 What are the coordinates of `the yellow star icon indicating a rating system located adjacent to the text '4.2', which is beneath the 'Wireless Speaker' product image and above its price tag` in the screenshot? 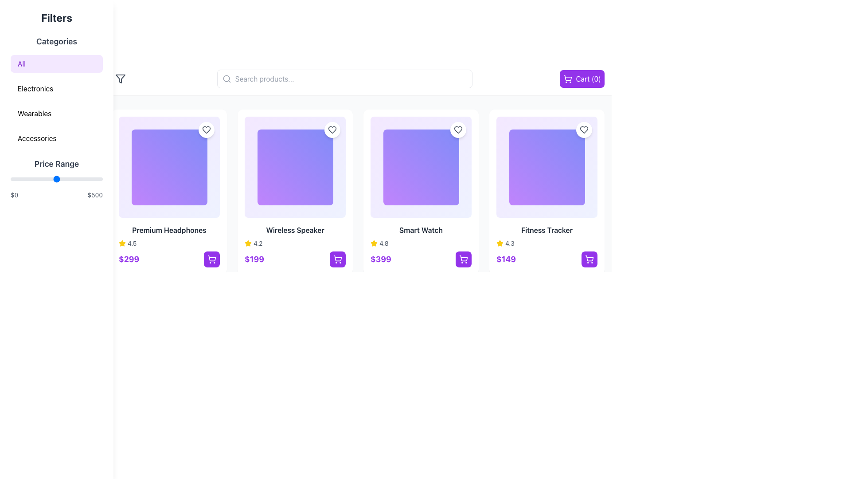 It's located at (248, 243).